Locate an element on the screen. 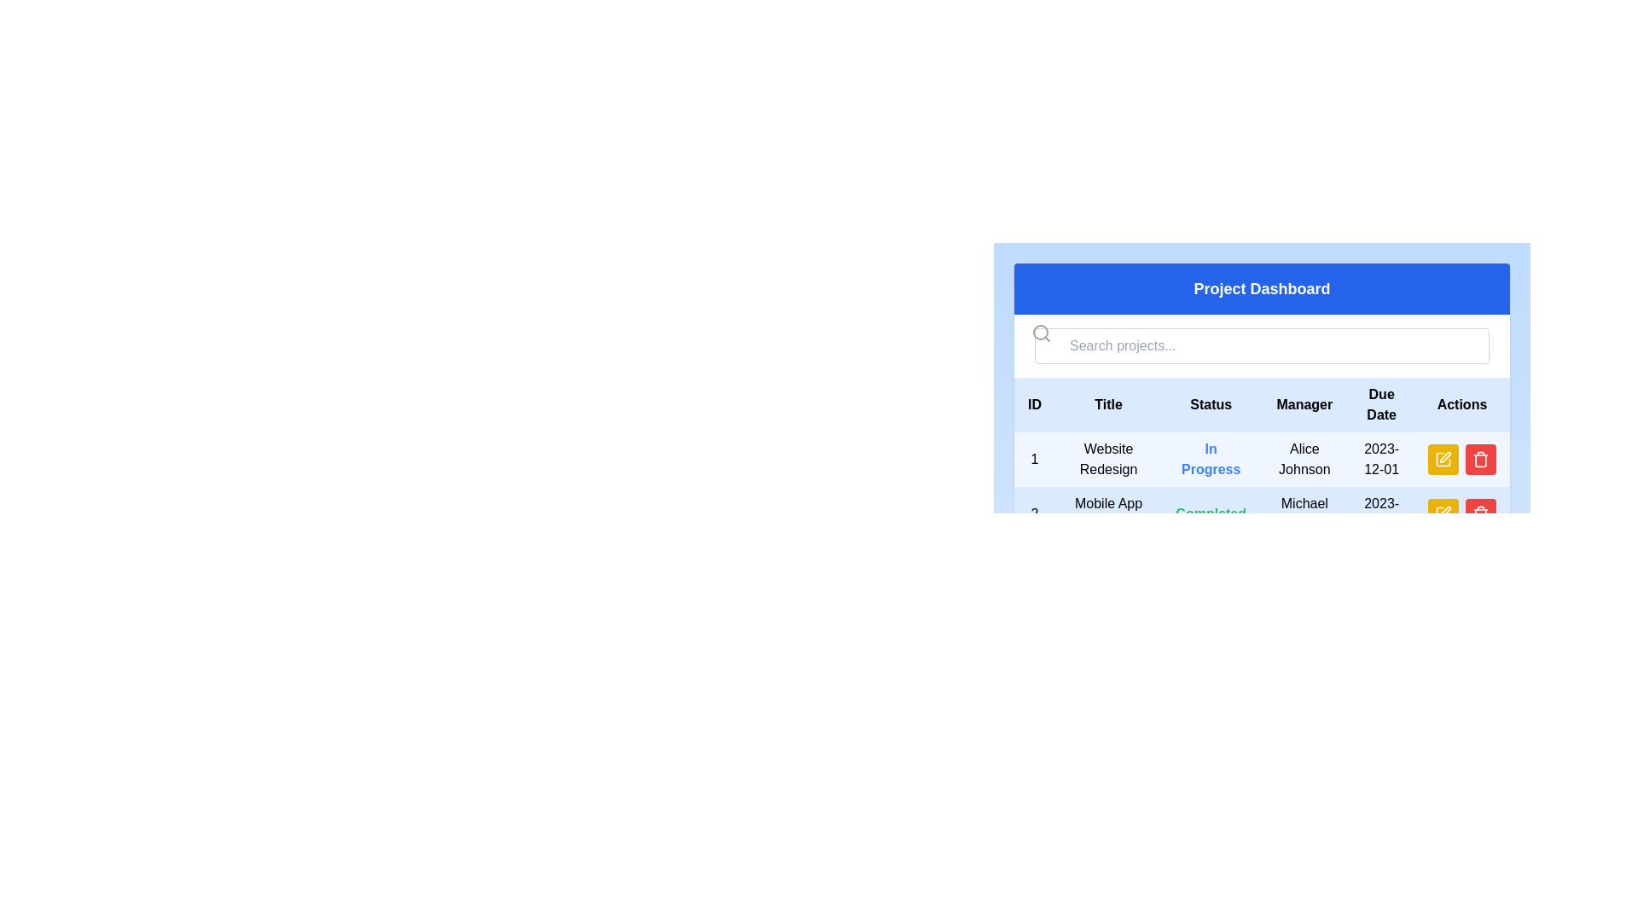 The image size is (1638, 921). the 'In Progress' status text label located in the third column of the project table under the header 'Status' is located at coordinates (1210, 459).